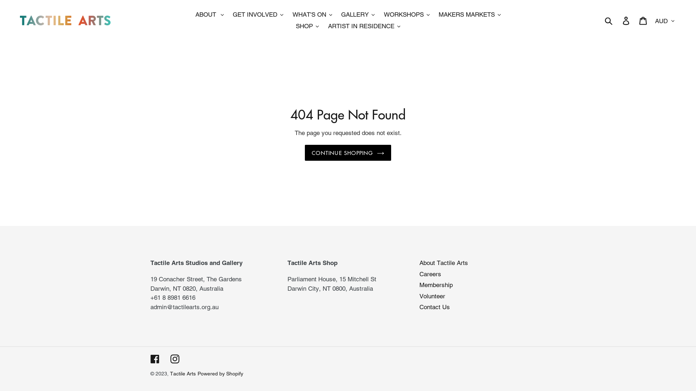 This screenshot has height=391, width=696. Describe the element at coordinates (419, 274) in the screenshot. I see `'Careers'` at that location.